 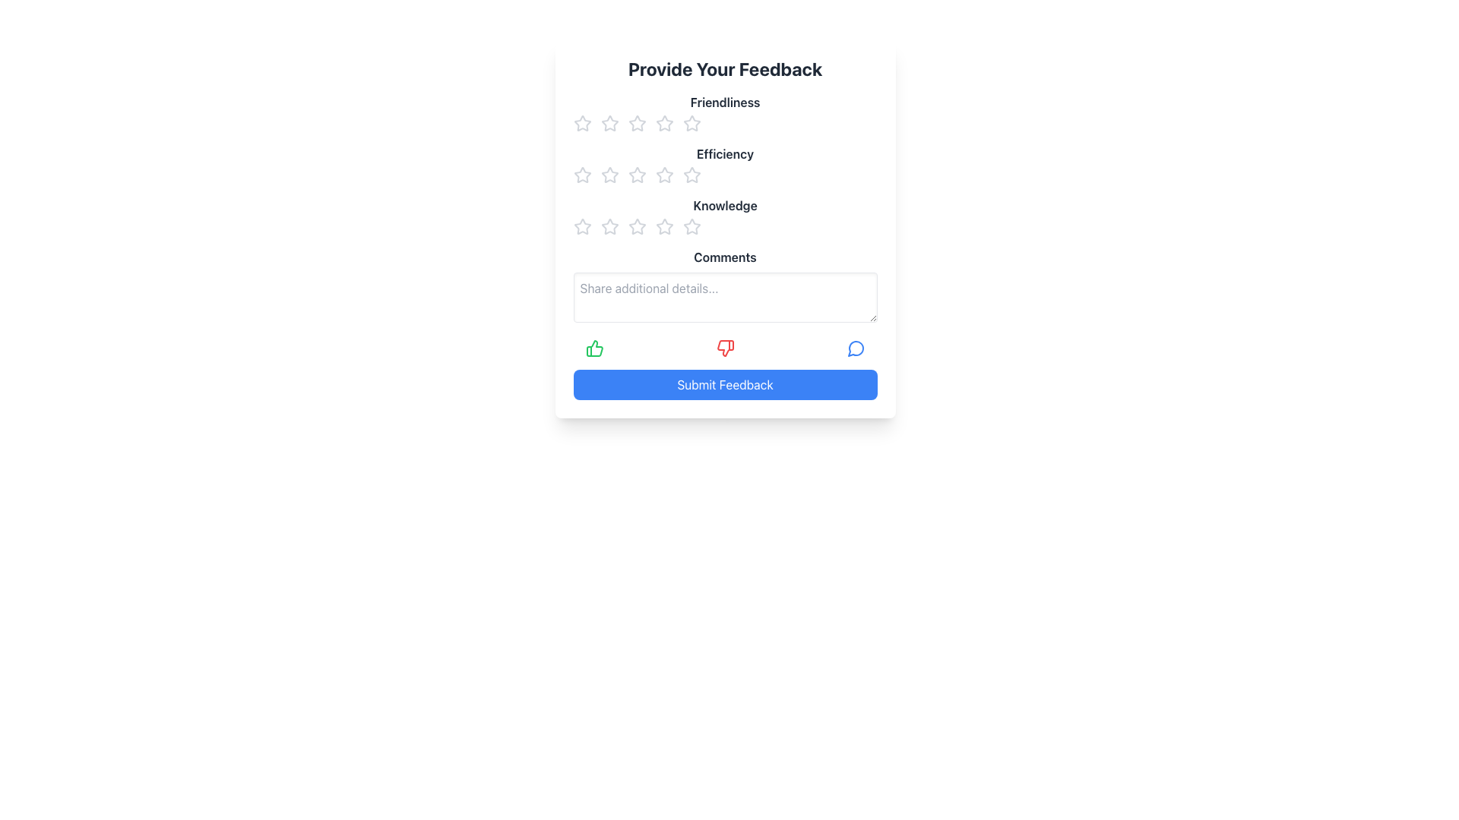 What do you see at coordinates (856, 348) in the screenshot?
I see `the decorative icon segment of the speech bubble located to the right of the feedback form` at bounding box center [856, 348].